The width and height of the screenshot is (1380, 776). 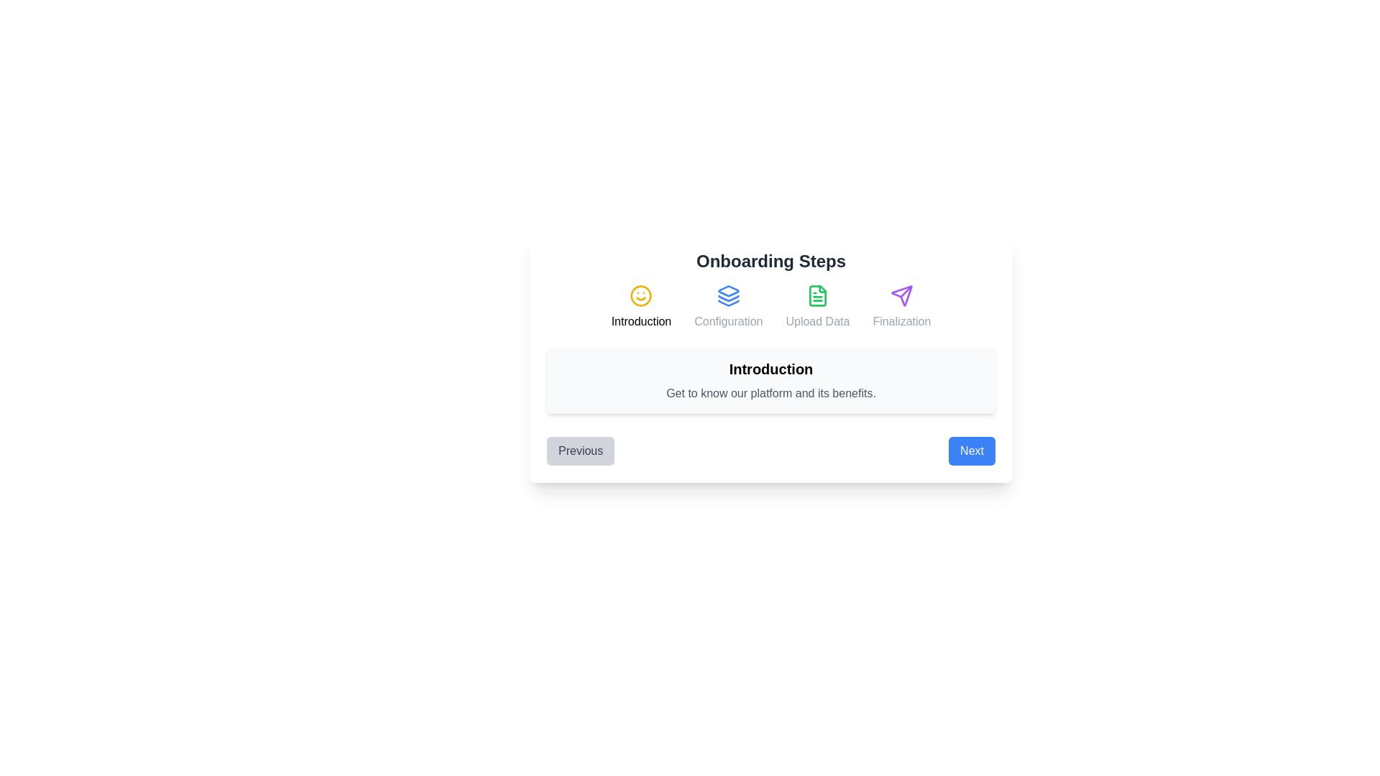 I want to click on the 'Configuration' step label in the onboarding process, which is positioned as the second item in the horizontal step indicator layout, below the Configuration icon and to the right of the 'Introduction' step, so click(x=728, y=320).